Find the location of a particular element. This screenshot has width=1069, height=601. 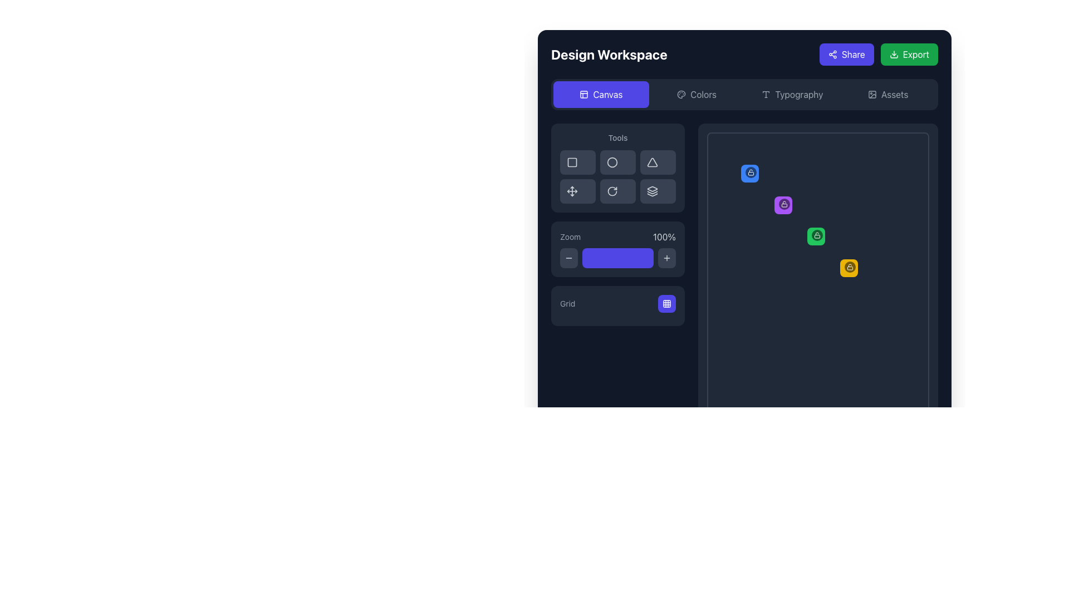

the first button in the horizontal row located at the top-left corner of the interface is located at coordinates (600, 93).